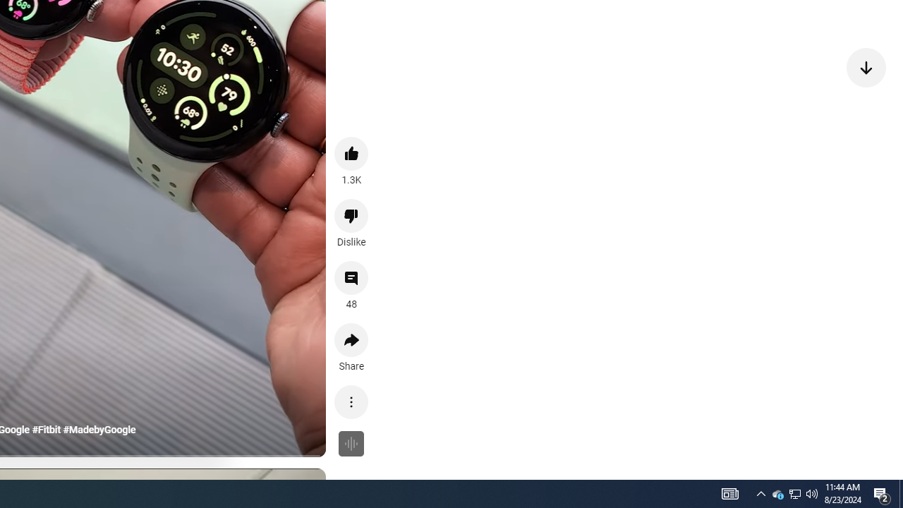 This screenshot has height=508, width=903. What do you see at coordinates (351, 278) in the screenshot?
I see `'View 48 comments'` at bounding box center [351, 278].